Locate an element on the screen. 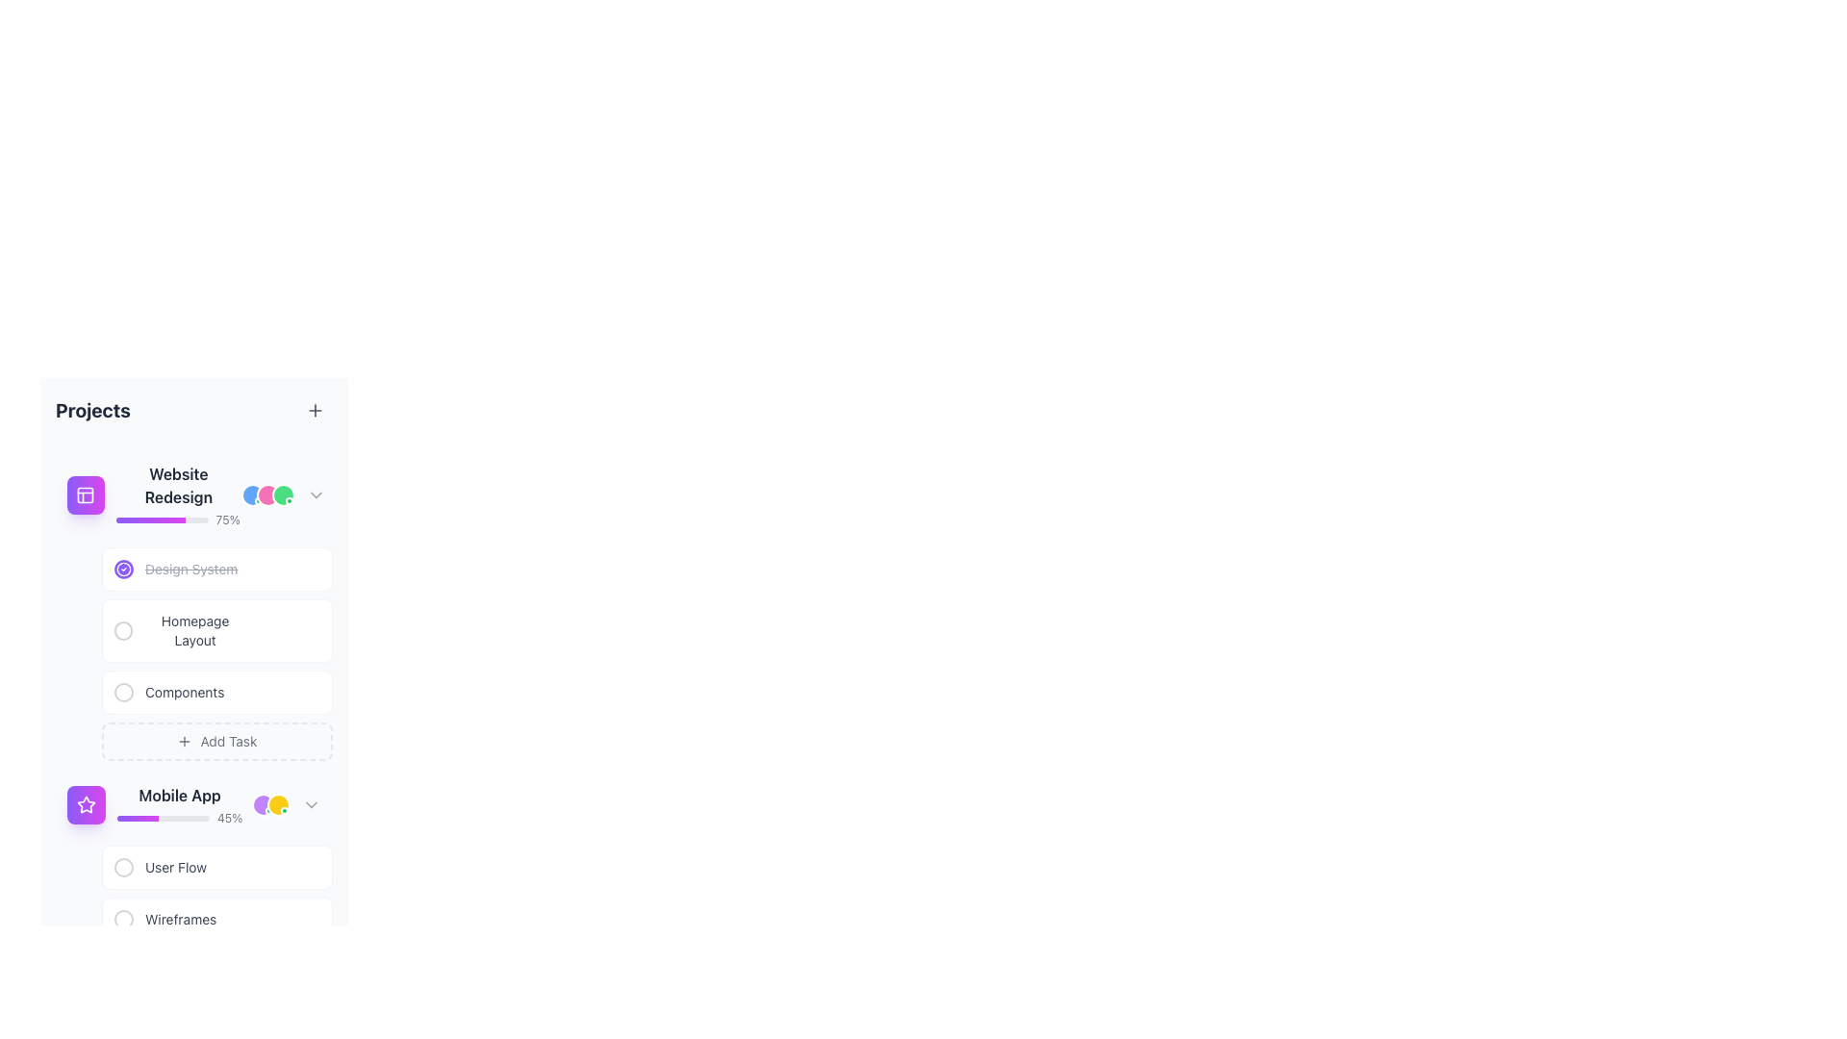 The image size is (1847, 1039). the selectable list item representing a task within the 'Website Redesign' section, located between 'Design System' and 'Components' is located at coordinates (216, 652).